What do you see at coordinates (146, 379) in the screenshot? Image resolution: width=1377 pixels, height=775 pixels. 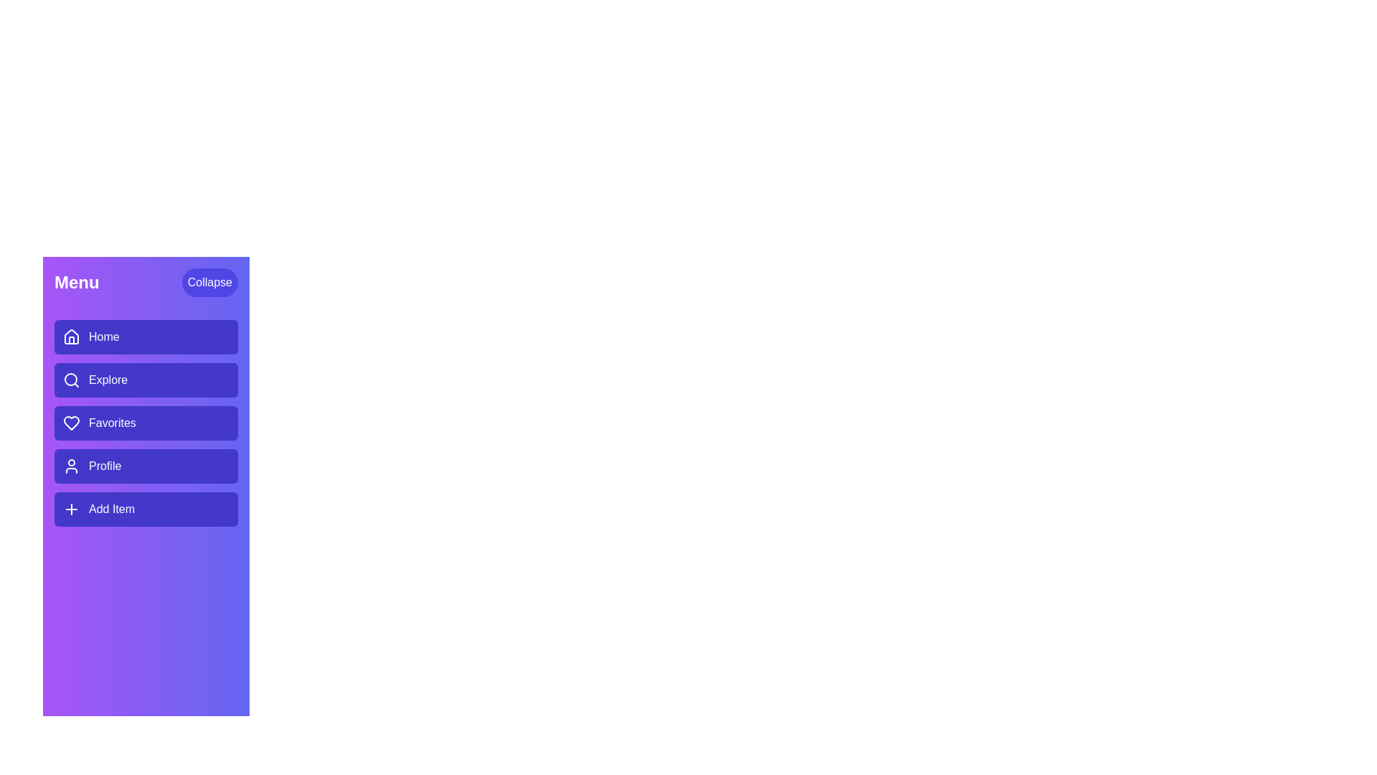 I see `the menu item labeled Explore` at bounding box center [146, 379].